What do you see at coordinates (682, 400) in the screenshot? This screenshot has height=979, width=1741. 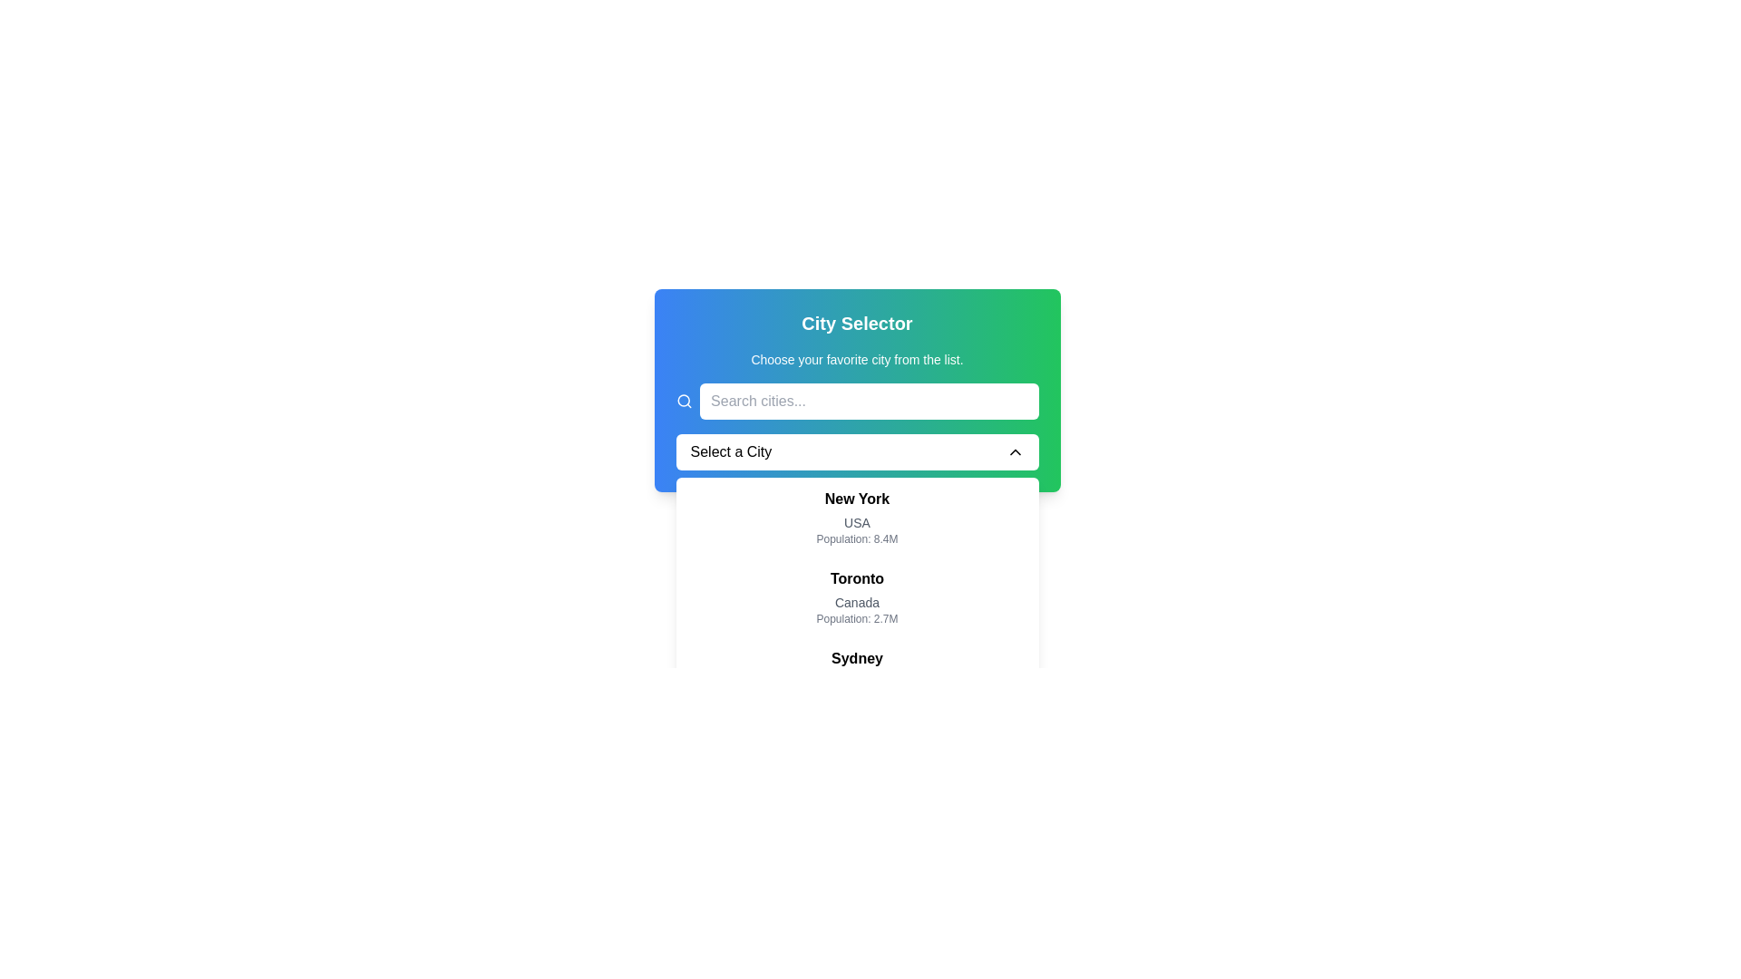 I see `details of the SVG Circle that forms the circular part of the search icon located in the top left corner of the search bar` at bounding box center [682, 400].